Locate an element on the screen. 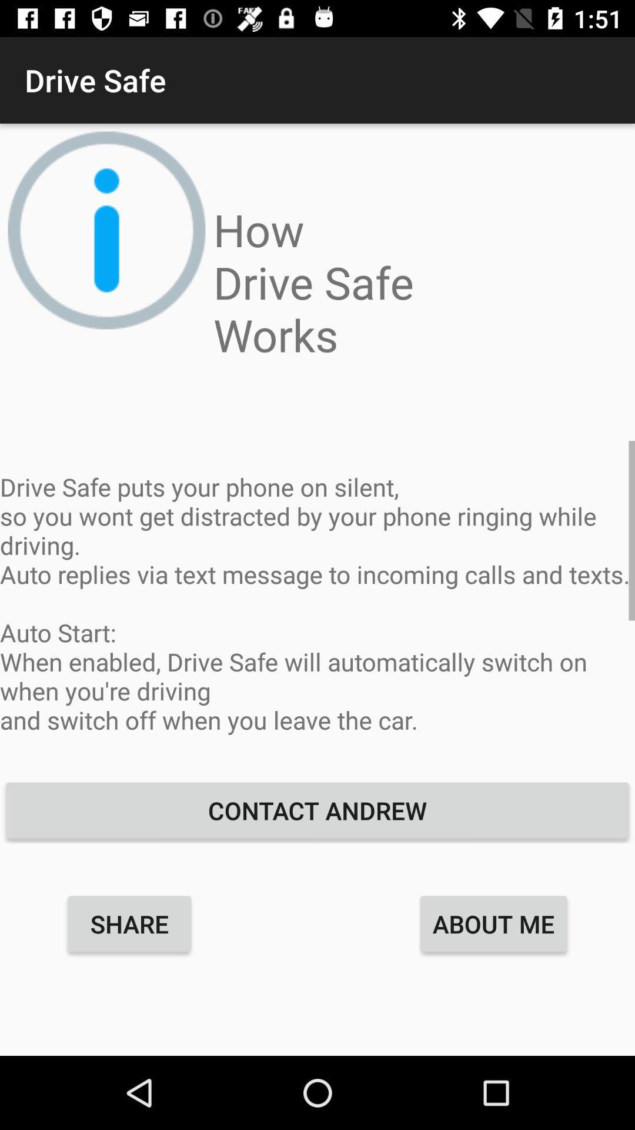 This screenshot has width=635, height=1130. the item below drive safe puts icon is located at coordinates (317, 810).